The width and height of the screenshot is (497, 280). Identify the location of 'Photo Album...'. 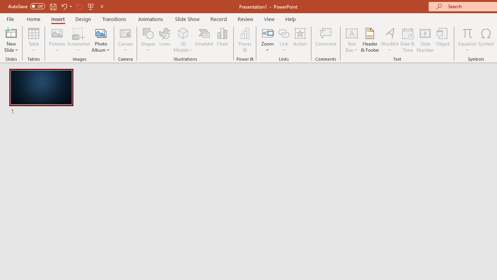
(100, 40).